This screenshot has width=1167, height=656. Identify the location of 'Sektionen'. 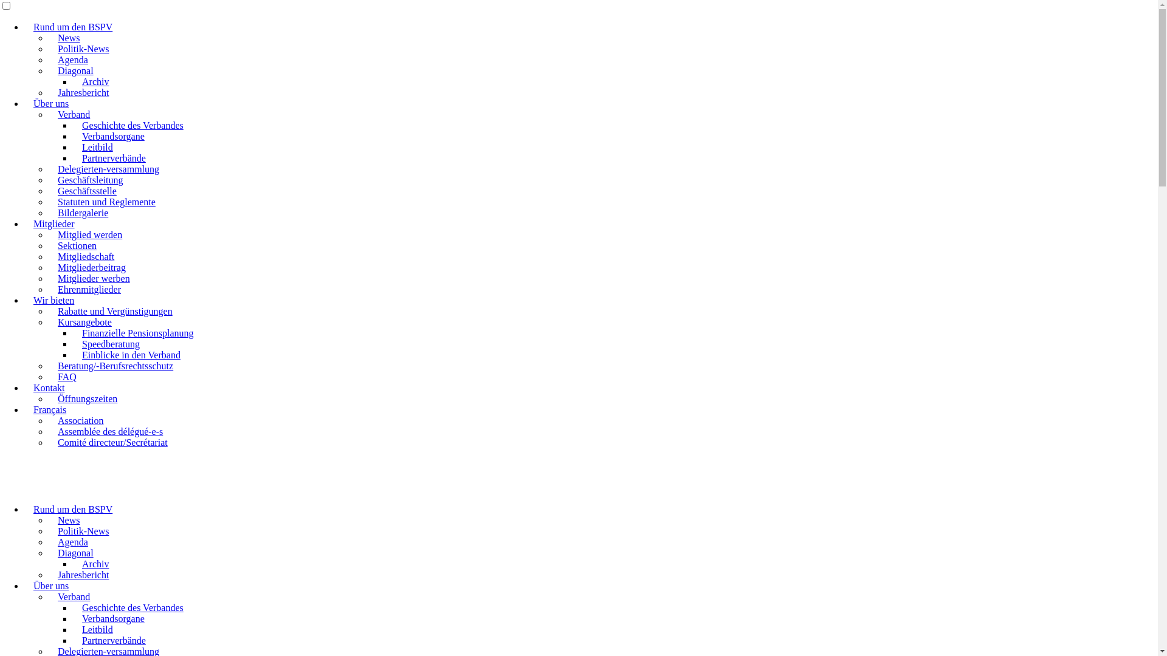
(49, 245).